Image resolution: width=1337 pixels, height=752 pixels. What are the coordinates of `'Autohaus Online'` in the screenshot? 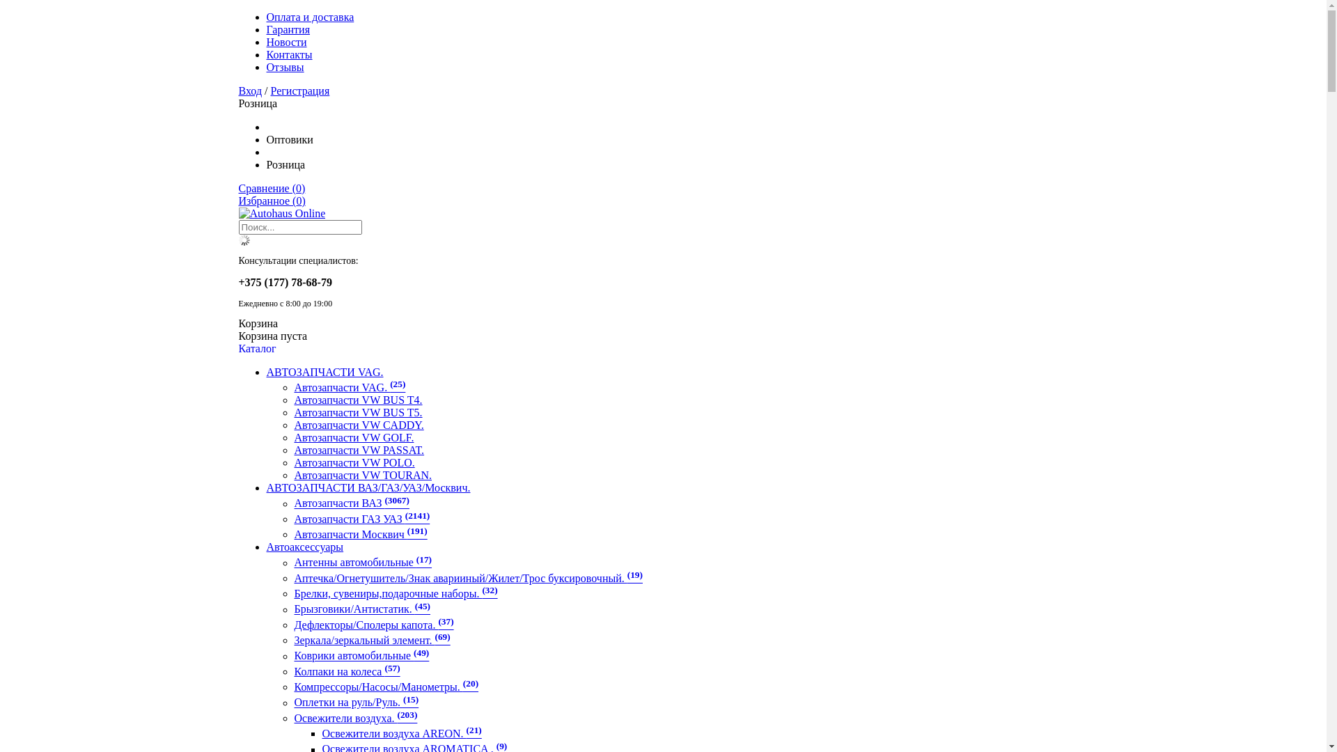 It's located at (281, 214).